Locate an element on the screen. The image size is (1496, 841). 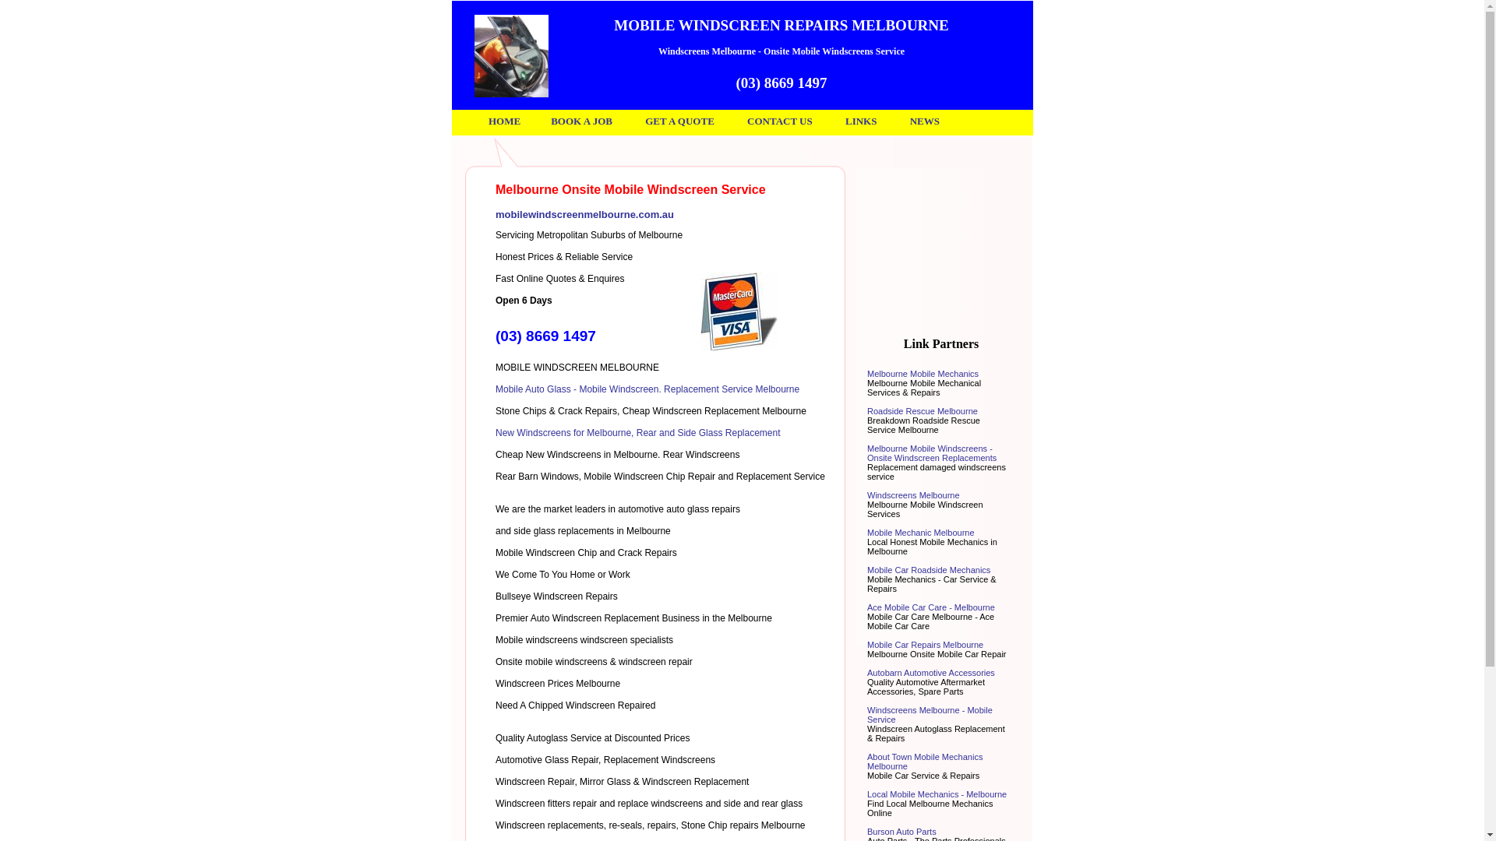
'Windscreens Melbourne - Mobile Service' is located at coordinates (930, 715).